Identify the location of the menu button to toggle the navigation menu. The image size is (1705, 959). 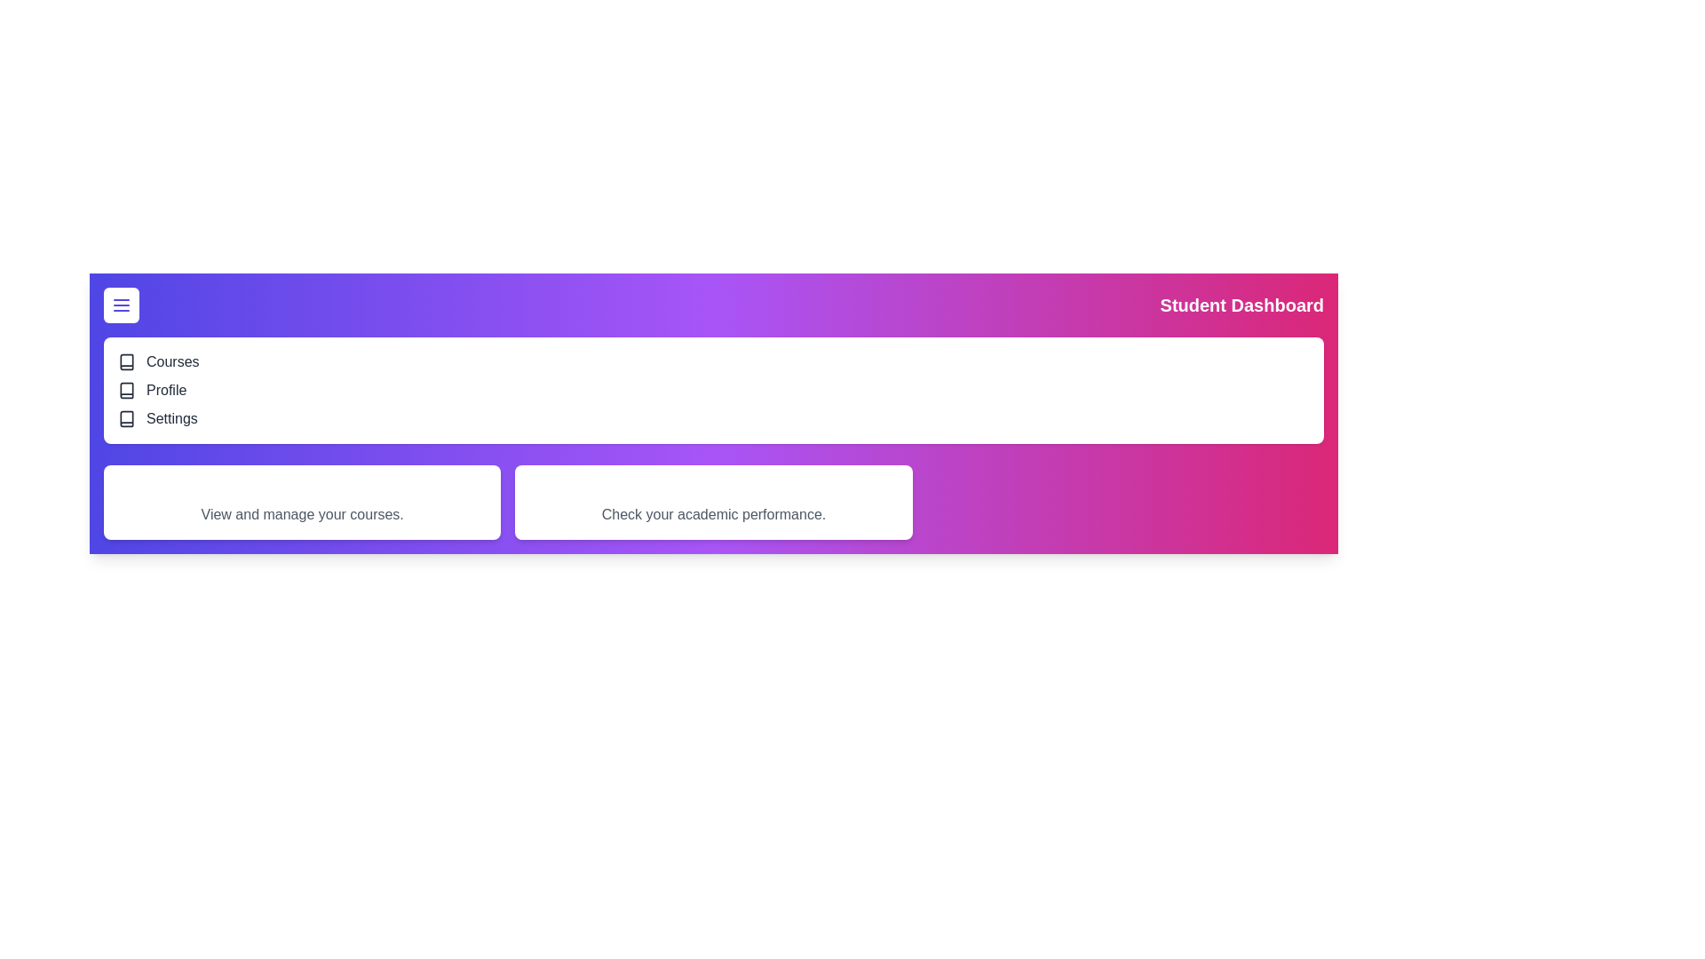
(121, 304).